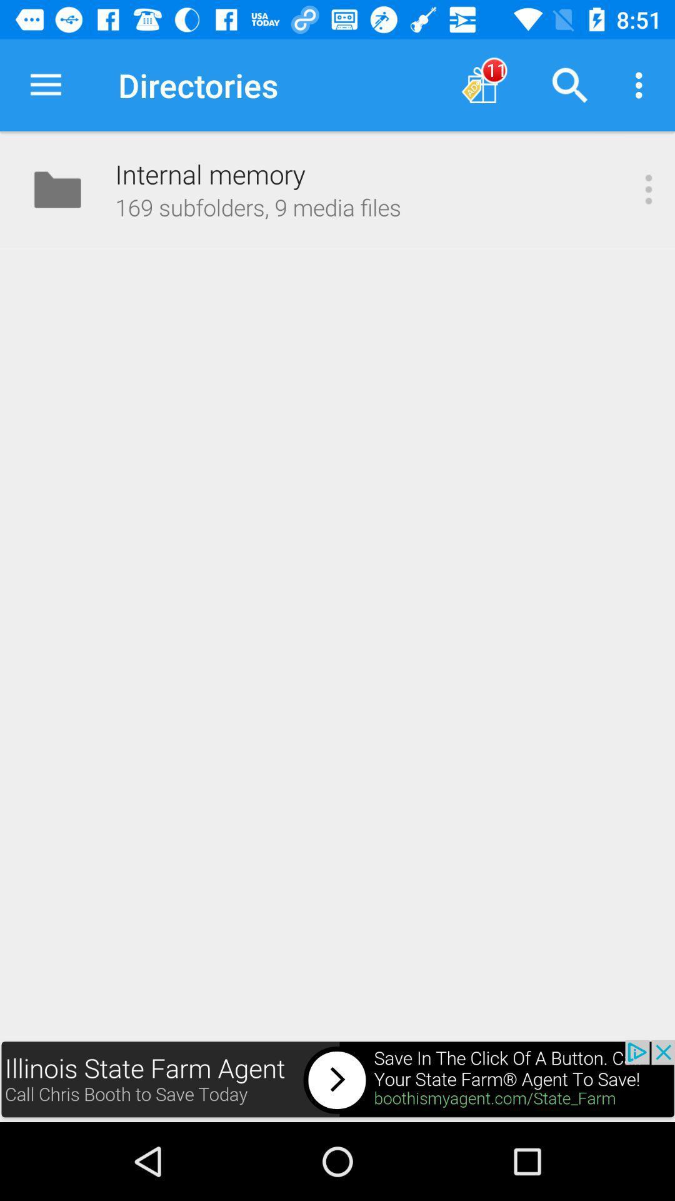 The width and height of the screenshot is (675, 1201). What do you see at coordinates (337, 1080) in the screenshot?
I see `watch advertisement` at bounding box center [337, 1080].